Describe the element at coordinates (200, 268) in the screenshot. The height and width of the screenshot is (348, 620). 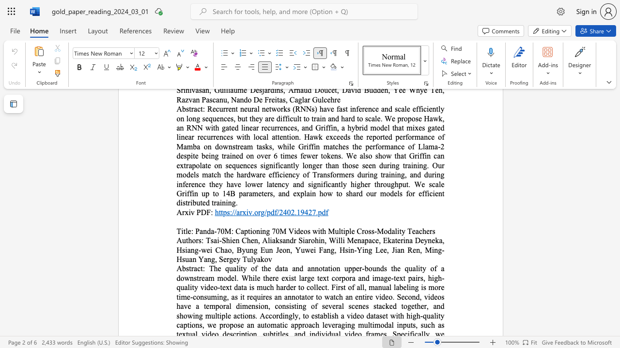
I see `the subset text "t:" within the text "Abstract:"` at that location.